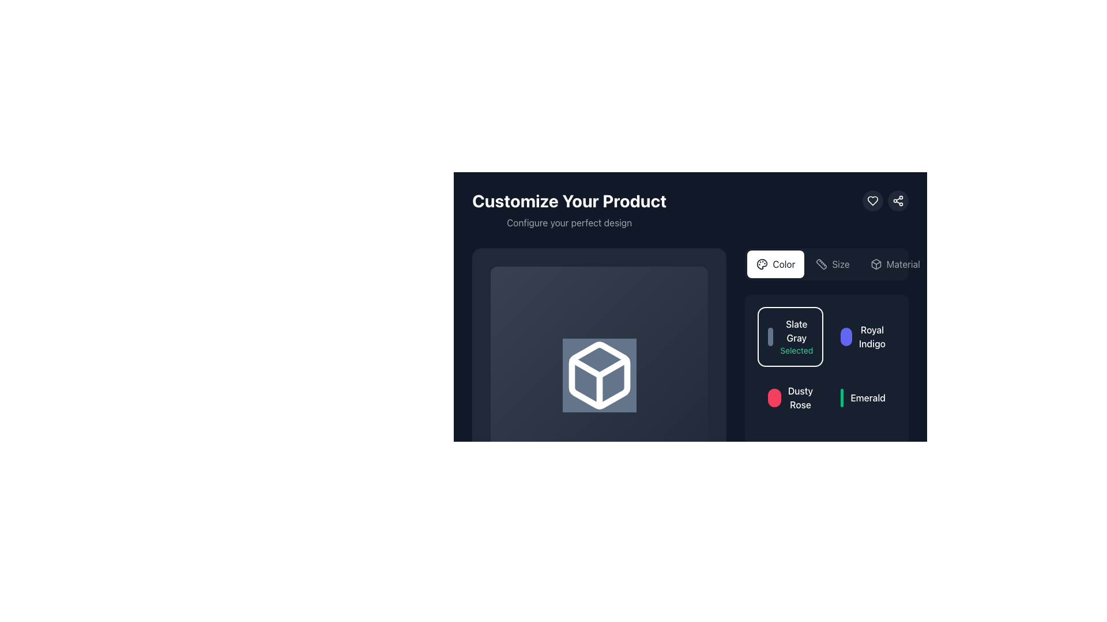  What do you see at coordinates (821, 264) in the screenshot?
I see `the vector icon resembling a measuring ruler in the top-right corner of the interface` at bounding box center [821, 264].